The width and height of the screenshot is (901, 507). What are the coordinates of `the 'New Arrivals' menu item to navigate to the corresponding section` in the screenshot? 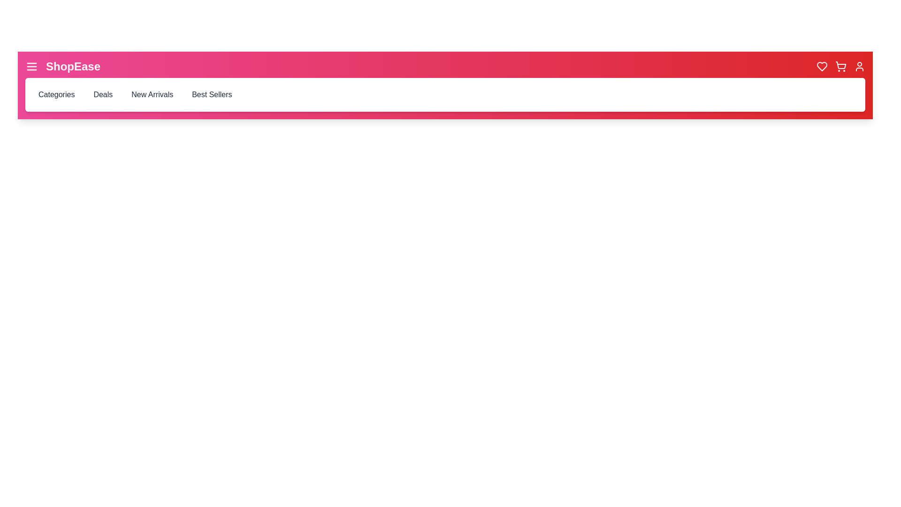 It's located at (152, 94).